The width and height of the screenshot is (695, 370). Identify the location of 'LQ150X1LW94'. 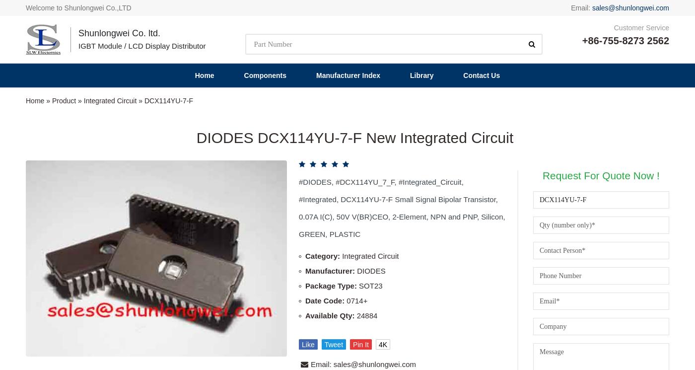
(183, 292).